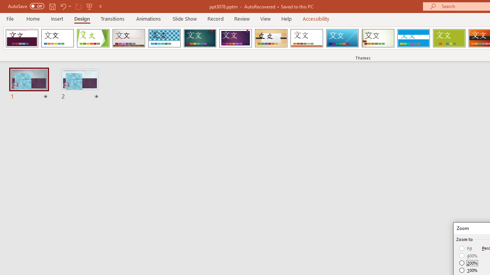 The image size is (490, 275). Describe the element at coordinates (235, 38) in the screenshot. I see `'Ion Boardroom'` at that location.